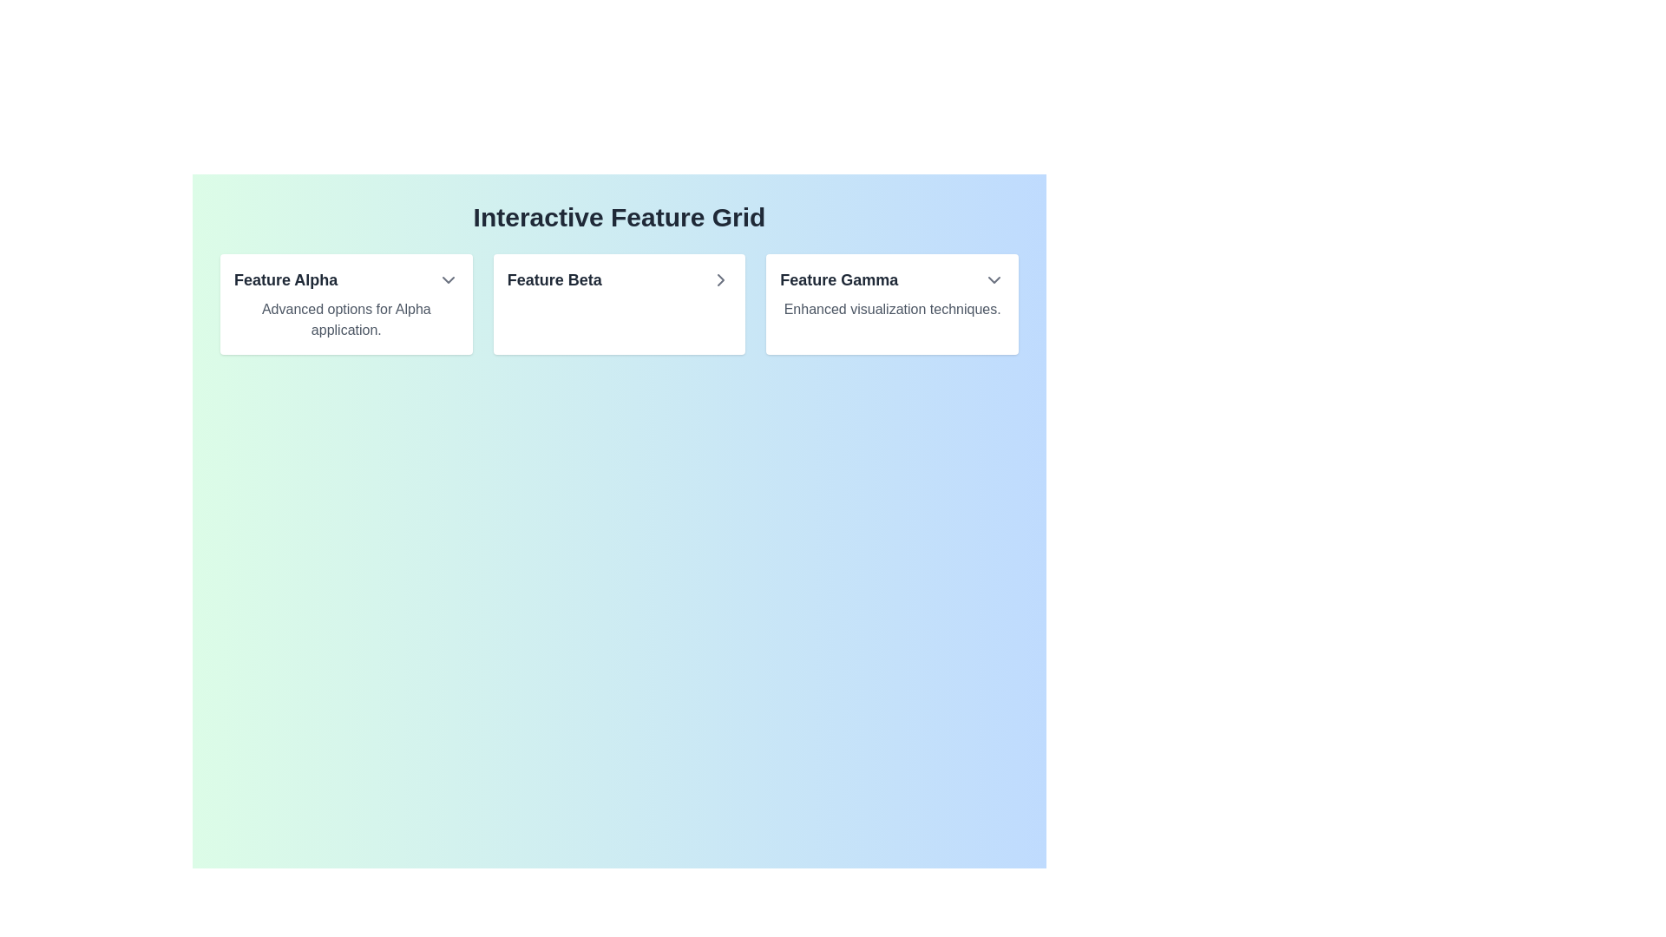 This screenshot has width=1666, height=937. What do you see at coordinates (448, 279) in the screenshot?
I see `the Dropdown indicator for 'Feature Alpha' to observe the style change` at bounding box center [448, 279].